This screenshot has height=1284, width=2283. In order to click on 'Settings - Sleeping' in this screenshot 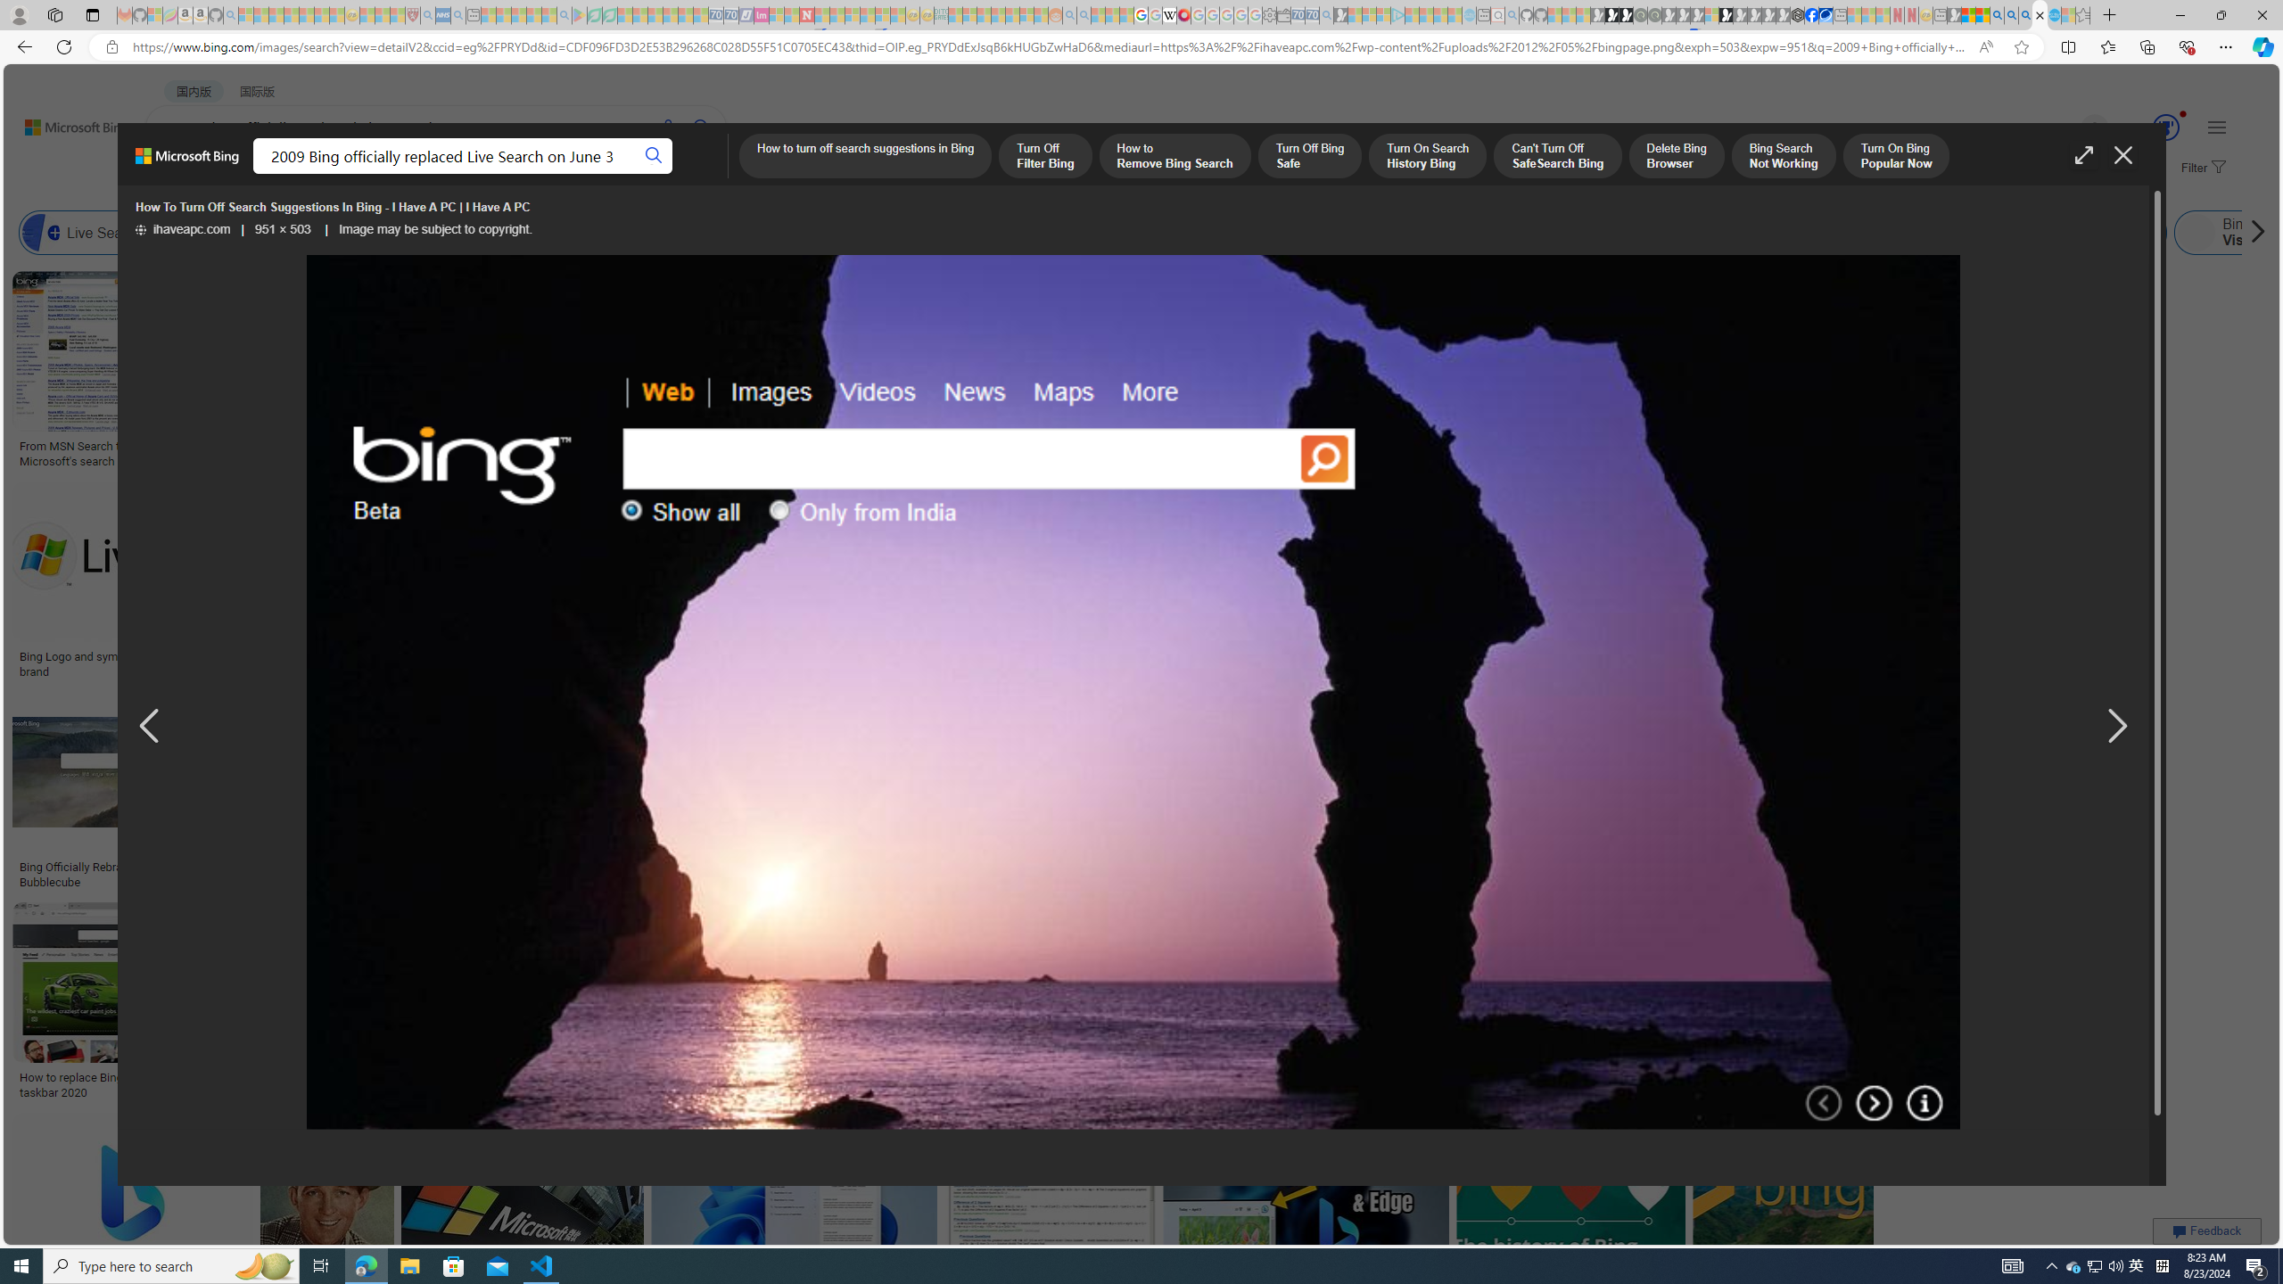, I will do `click(1268, 14)`.